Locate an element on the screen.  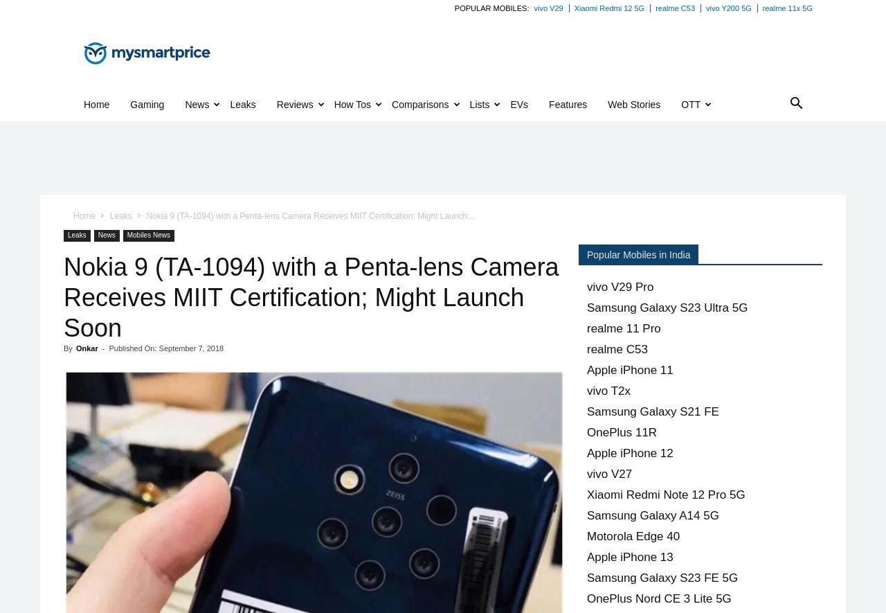
'-' is located at coordinates (101, 348).